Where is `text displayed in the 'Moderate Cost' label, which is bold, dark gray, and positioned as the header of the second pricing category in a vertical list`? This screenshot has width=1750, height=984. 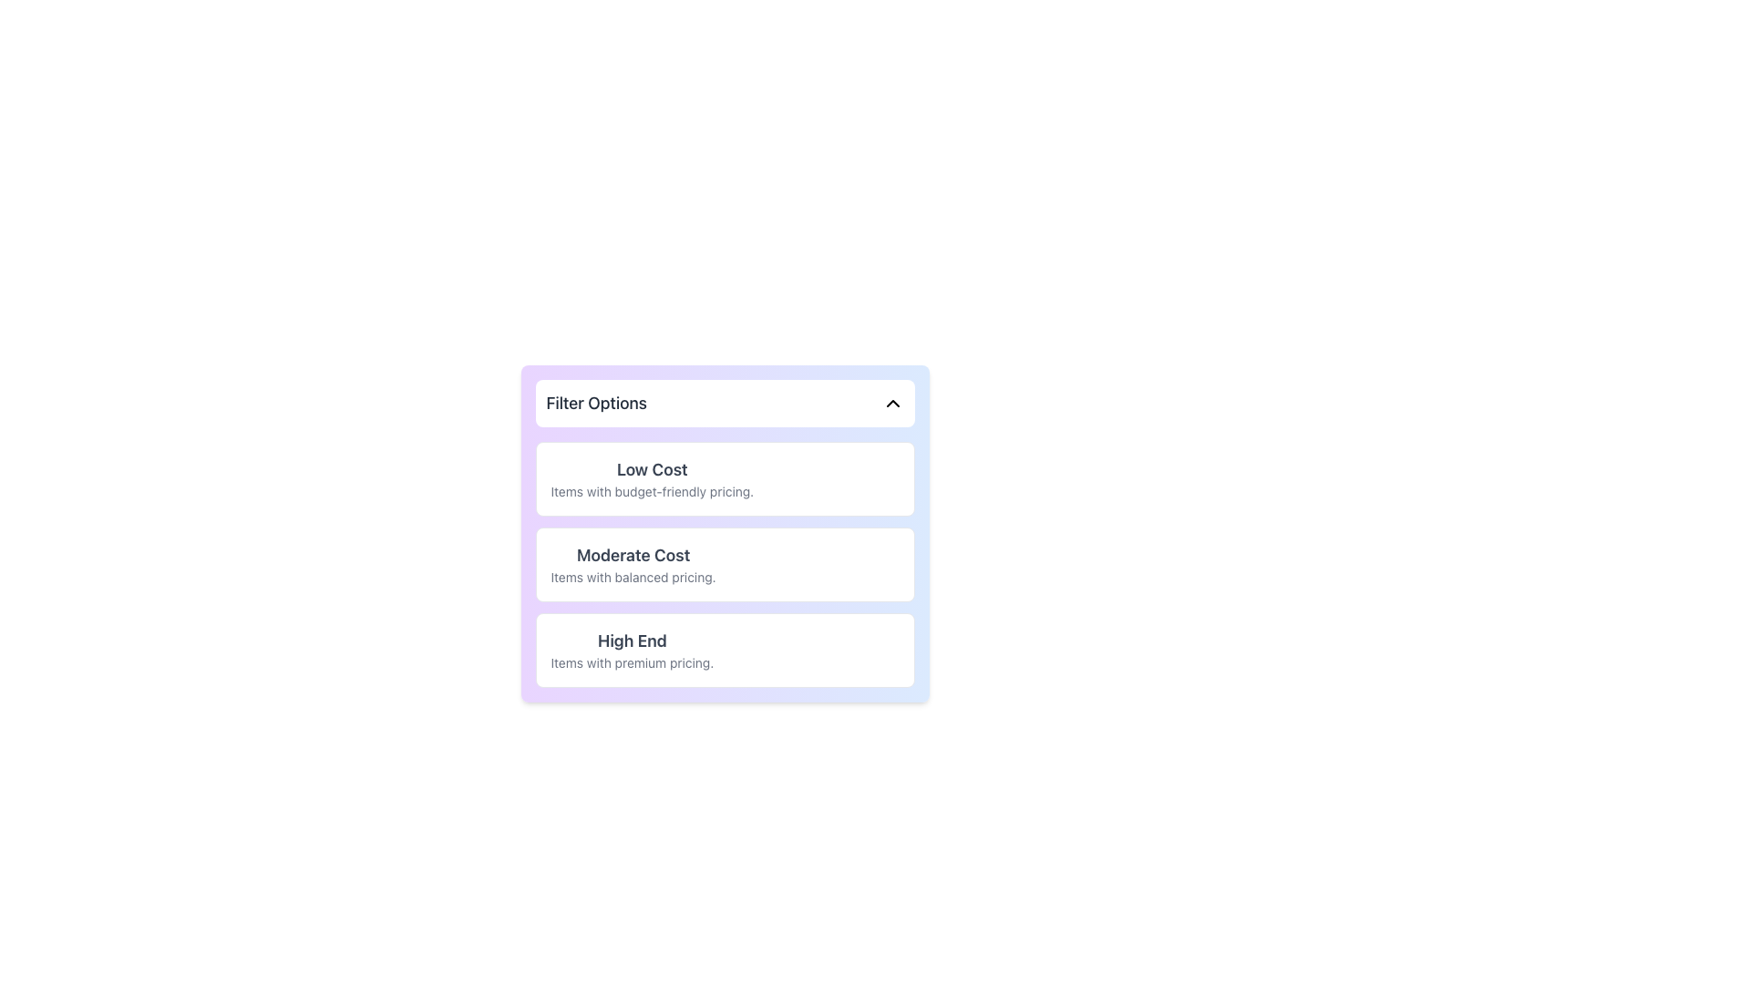
text displayed in the 'Moderate Cost' label, which is bold, dark gray, and positioned as the header of the second pricing category in a vertical list is located at coordinates (633, 554).